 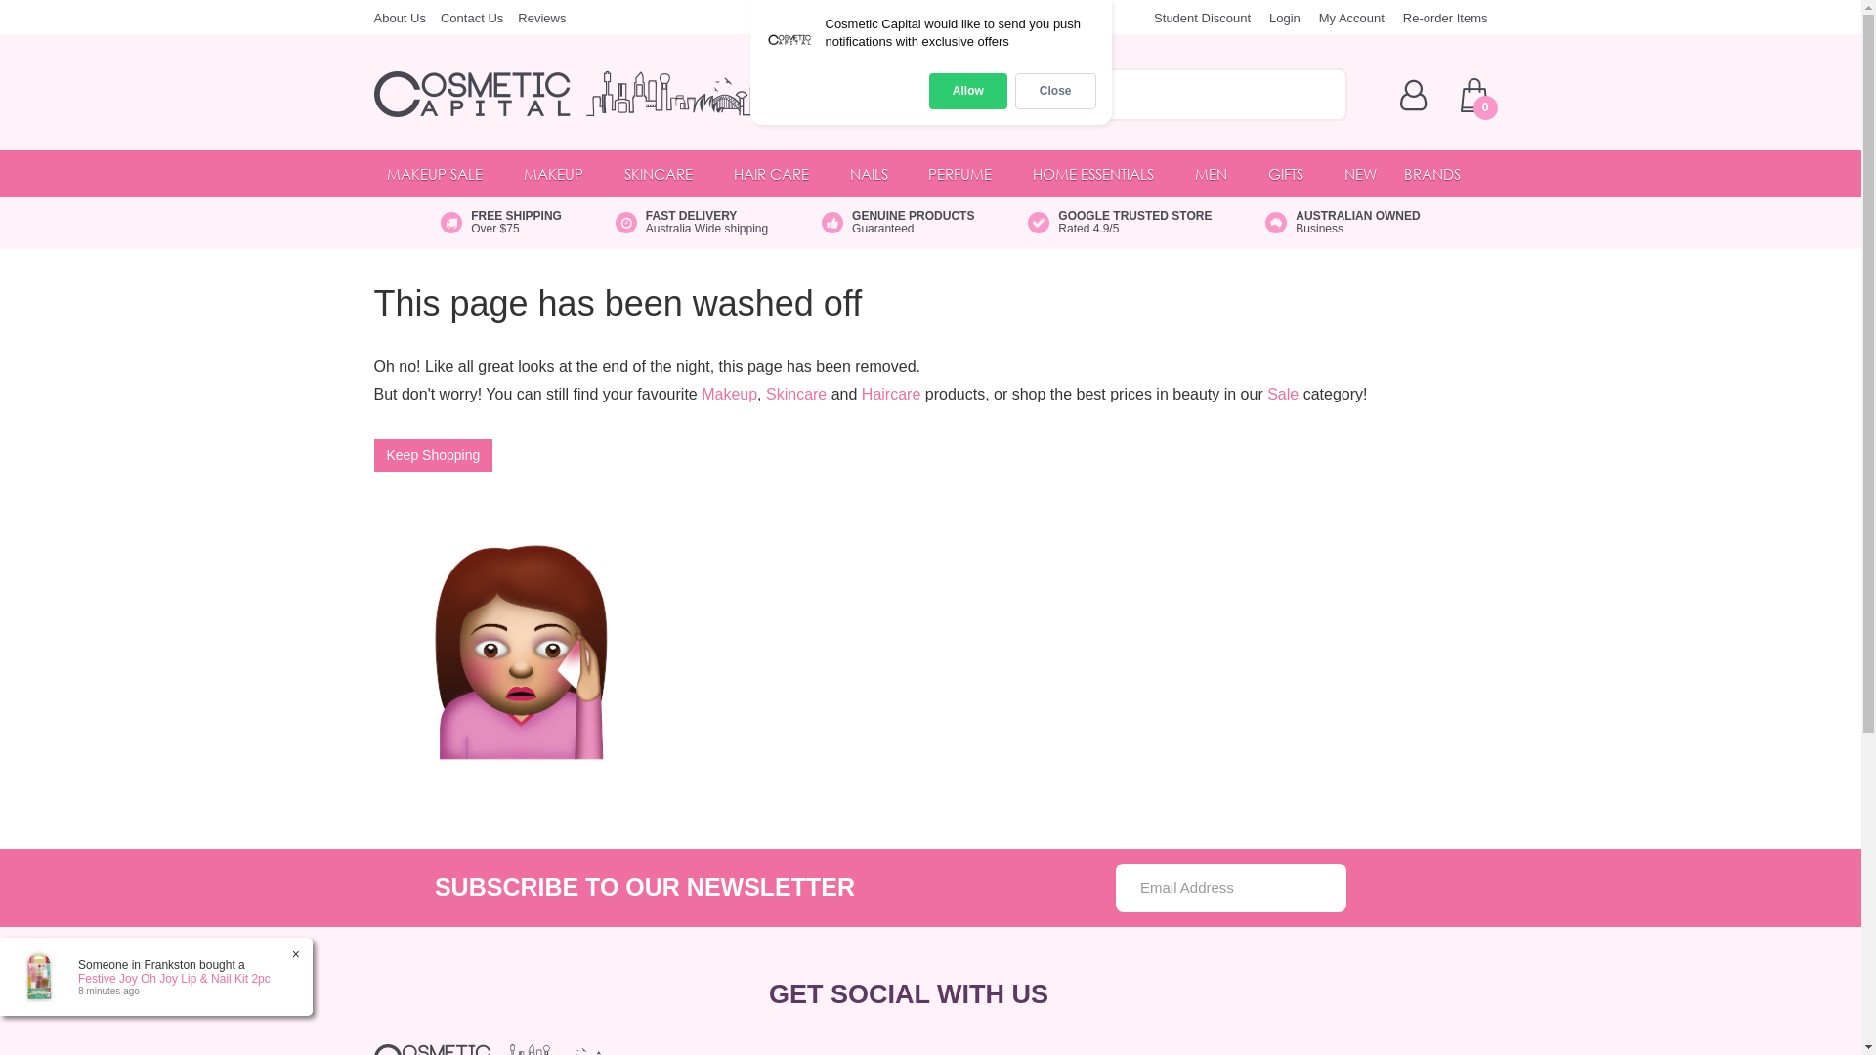 I want to click on 'AUSTRALIAN OWNED, so click(x=1341, y=221).